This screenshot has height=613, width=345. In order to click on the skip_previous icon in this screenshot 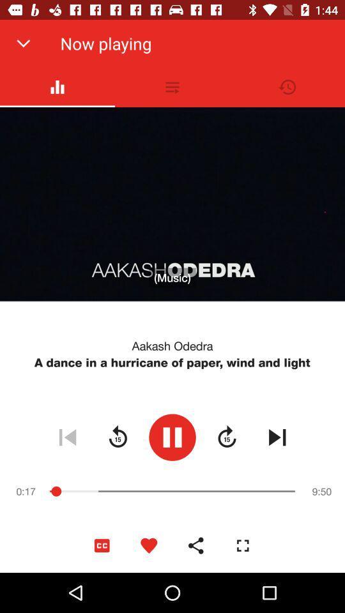, I will do `click(67, 437)`.